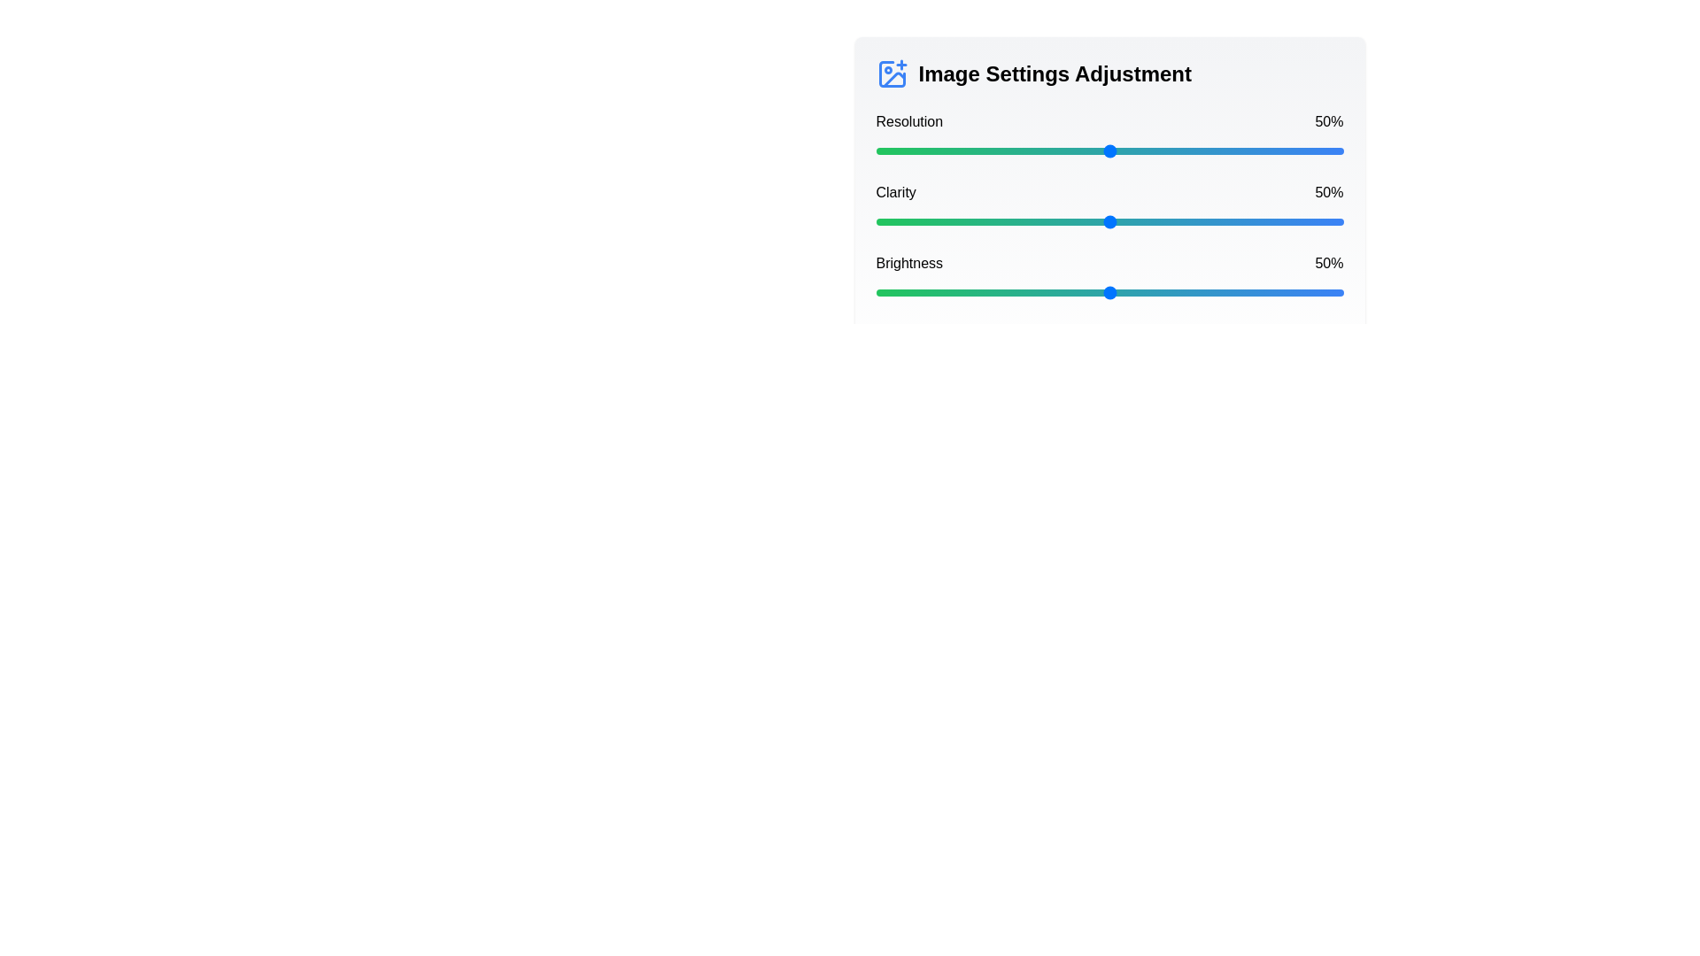 Image resolution: width=1700 pixels, height=956 pixels. I want to click on the brightness slider to 43%, so click(1076, 292).